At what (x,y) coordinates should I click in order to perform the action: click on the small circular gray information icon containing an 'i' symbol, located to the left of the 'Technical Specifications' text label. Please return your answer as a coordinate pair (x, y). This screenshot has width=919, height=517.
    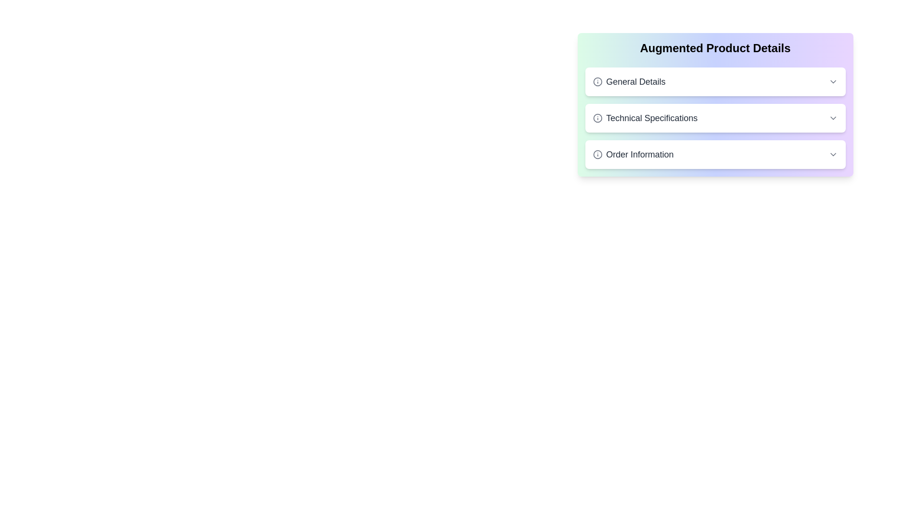
    Looking at the image, I should click on (597, 117).